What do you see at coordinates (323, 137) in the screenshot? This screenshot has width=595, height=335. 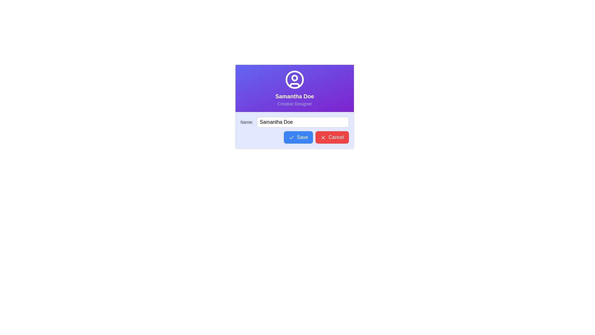 I see `the decorative icon on the 'Cancel' button located in the lower-right corner of the form interface` at bounding box center [323, 137].